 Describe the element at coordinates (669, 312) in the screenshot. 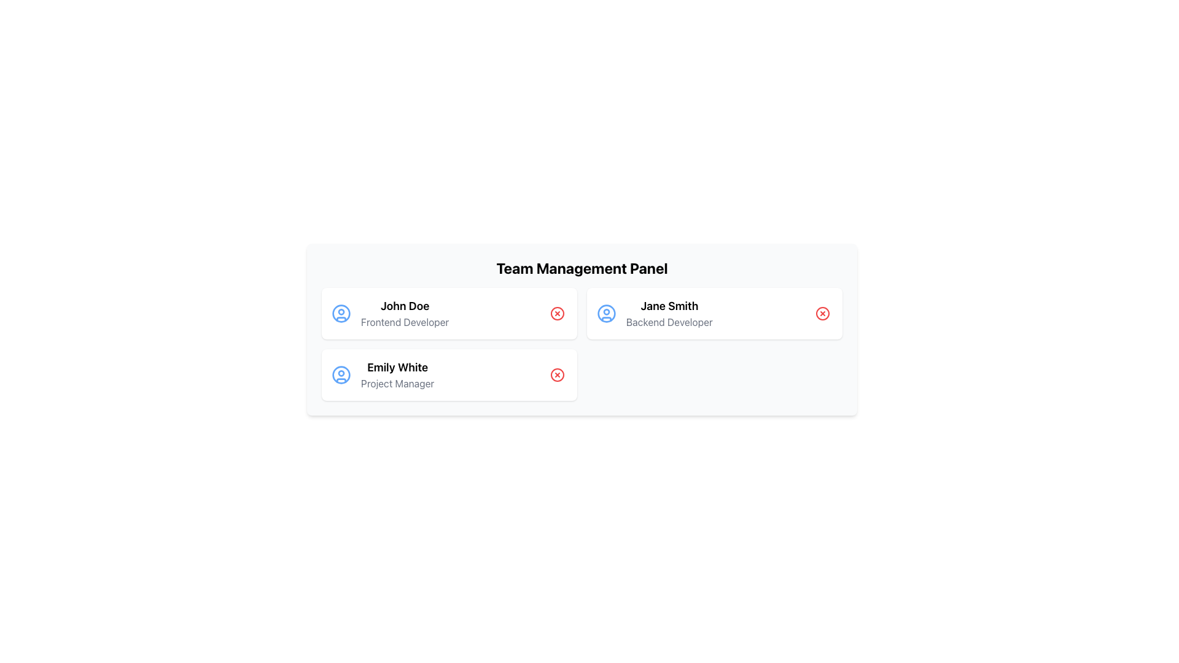

I see `the text label displaying the name and title of a team member` at that location.